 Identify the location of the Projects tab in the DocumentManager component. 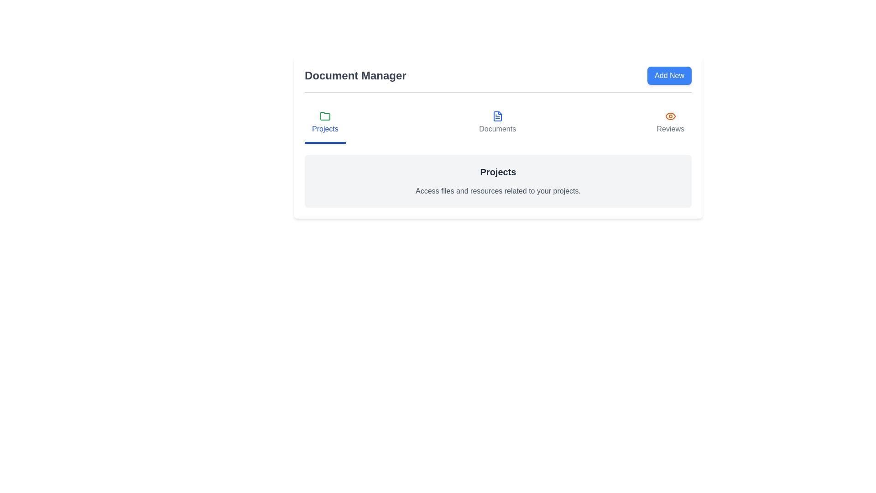
(325, 123).